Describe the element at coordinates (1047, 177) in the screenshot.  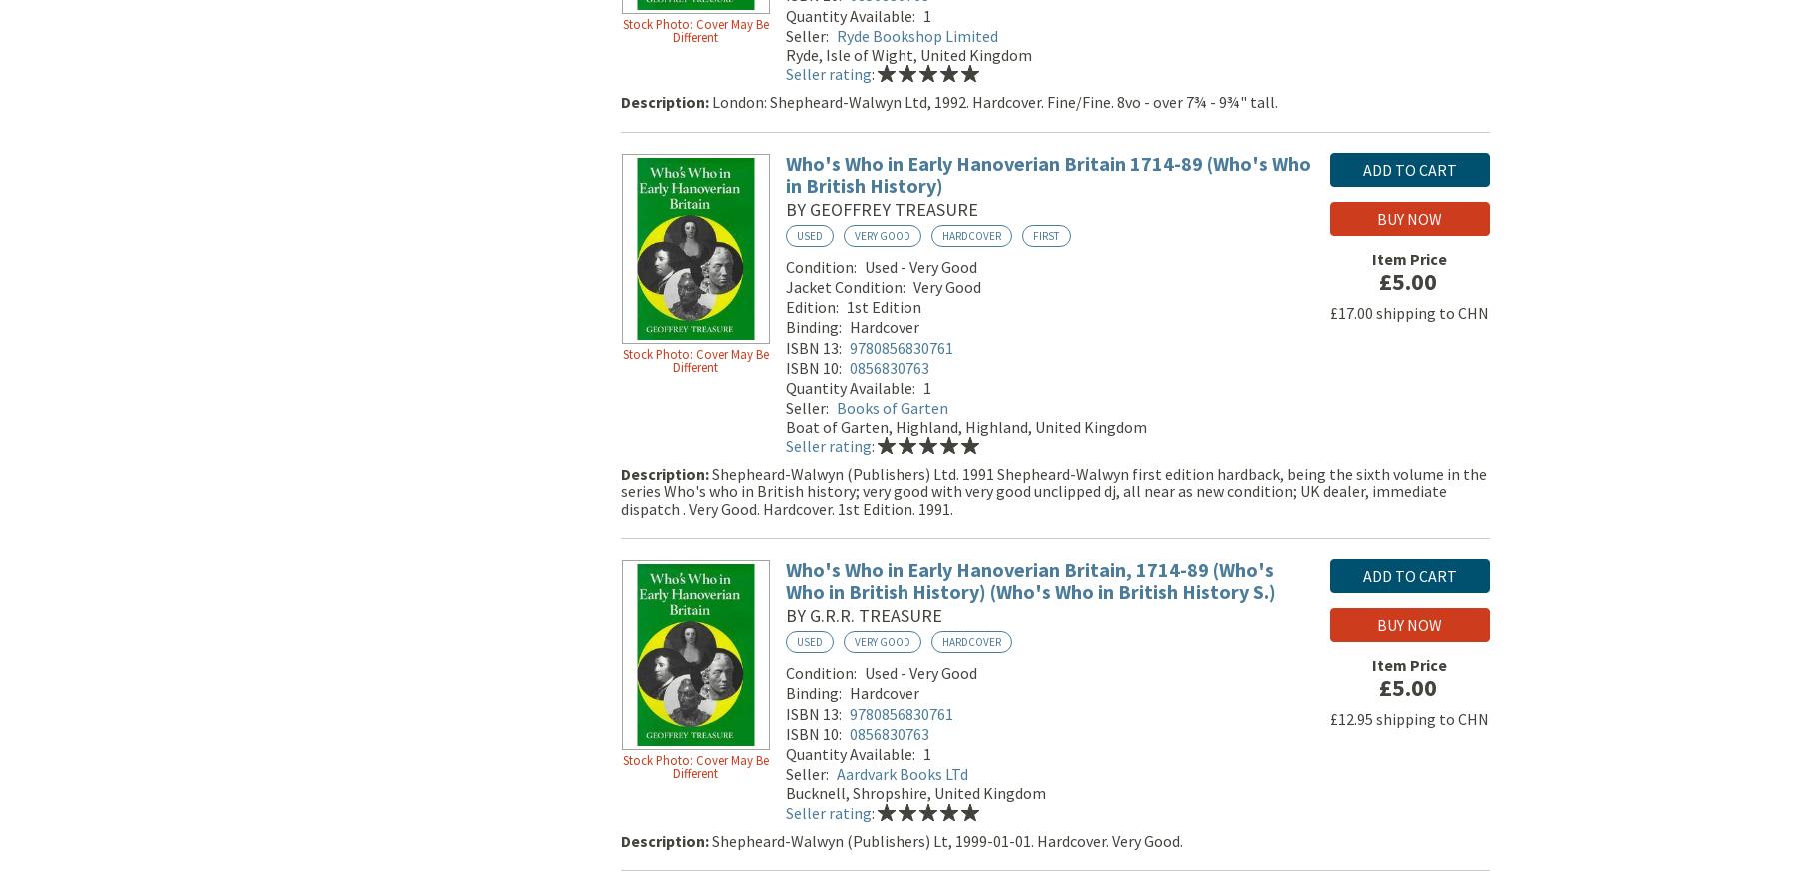
I see `'Who's Who in Early Hanoverian Britain 1714-89 (Who's Who in British History)'` at that location.